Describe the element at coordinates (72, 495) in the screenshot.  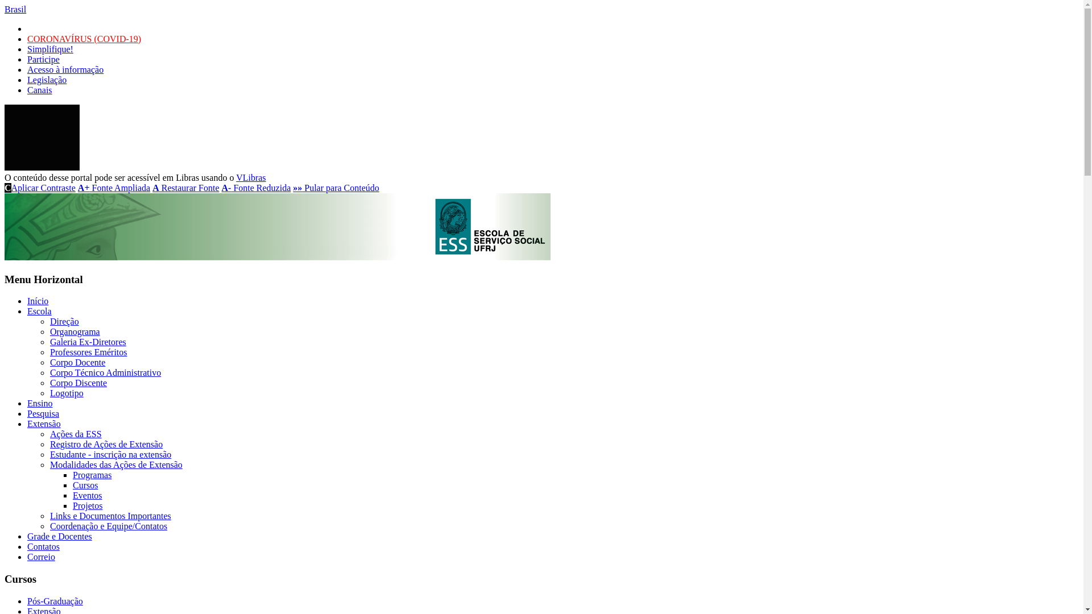
I see `'Eventos'` at that location.